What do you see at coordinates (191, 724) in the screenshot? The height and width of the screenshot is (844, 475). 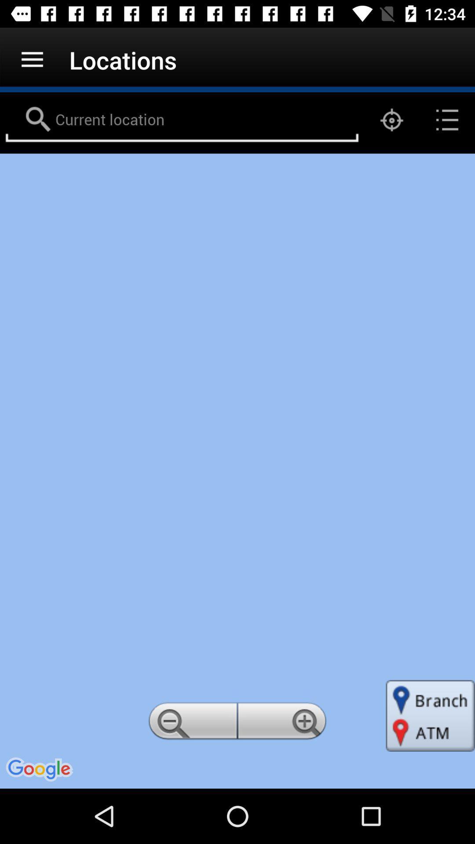 I see `the zoom_out icon` at bounding box center [191, 724].